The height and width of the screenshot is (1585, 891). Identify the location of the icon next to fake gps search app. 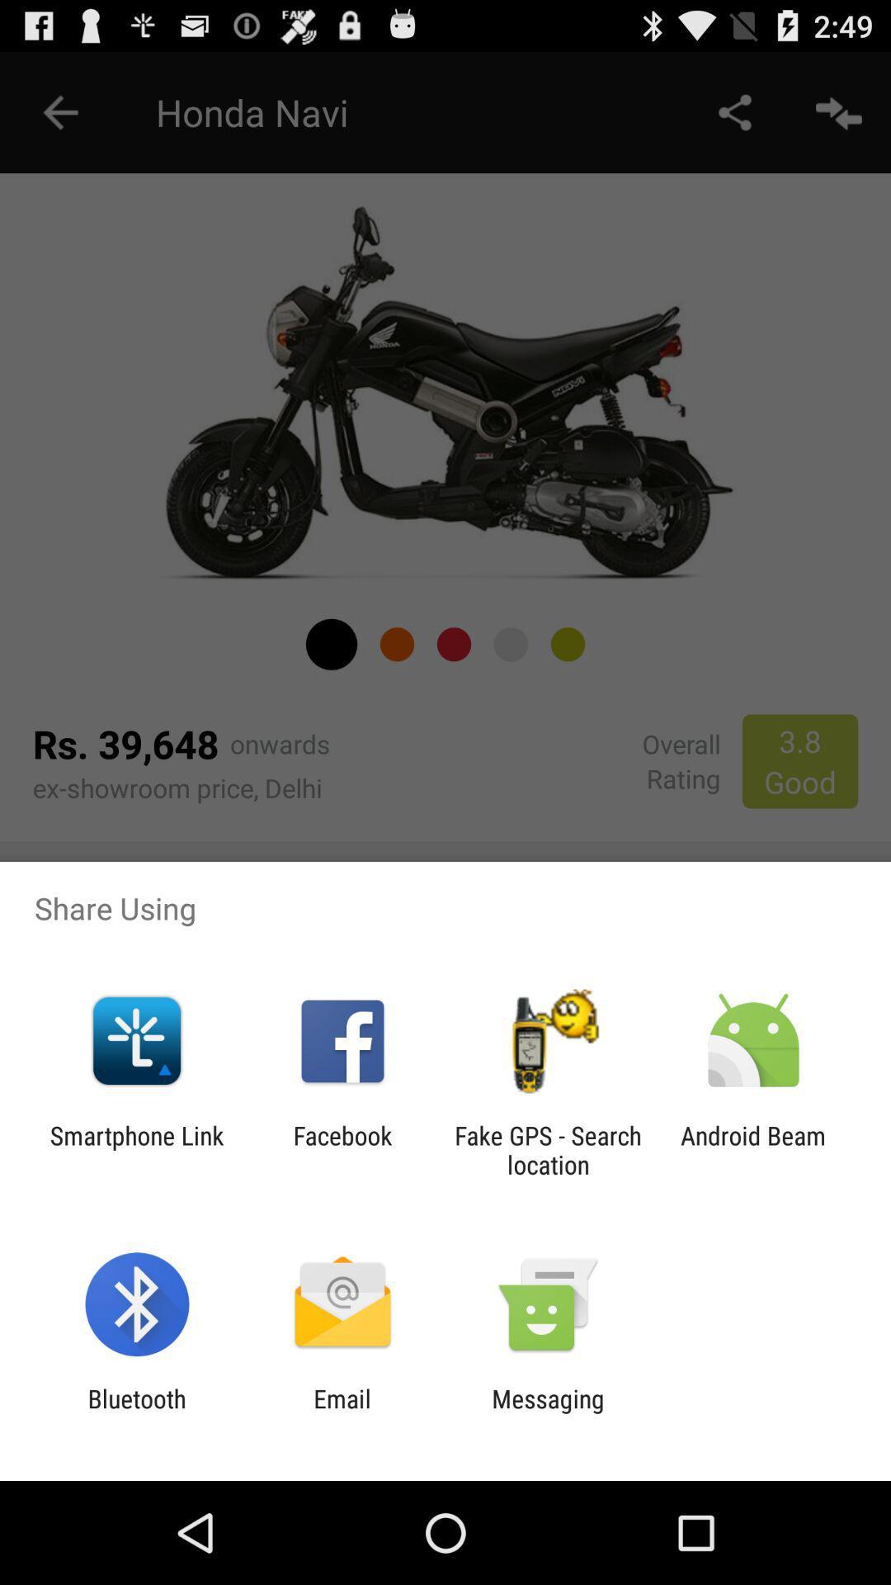
(753, 1149).